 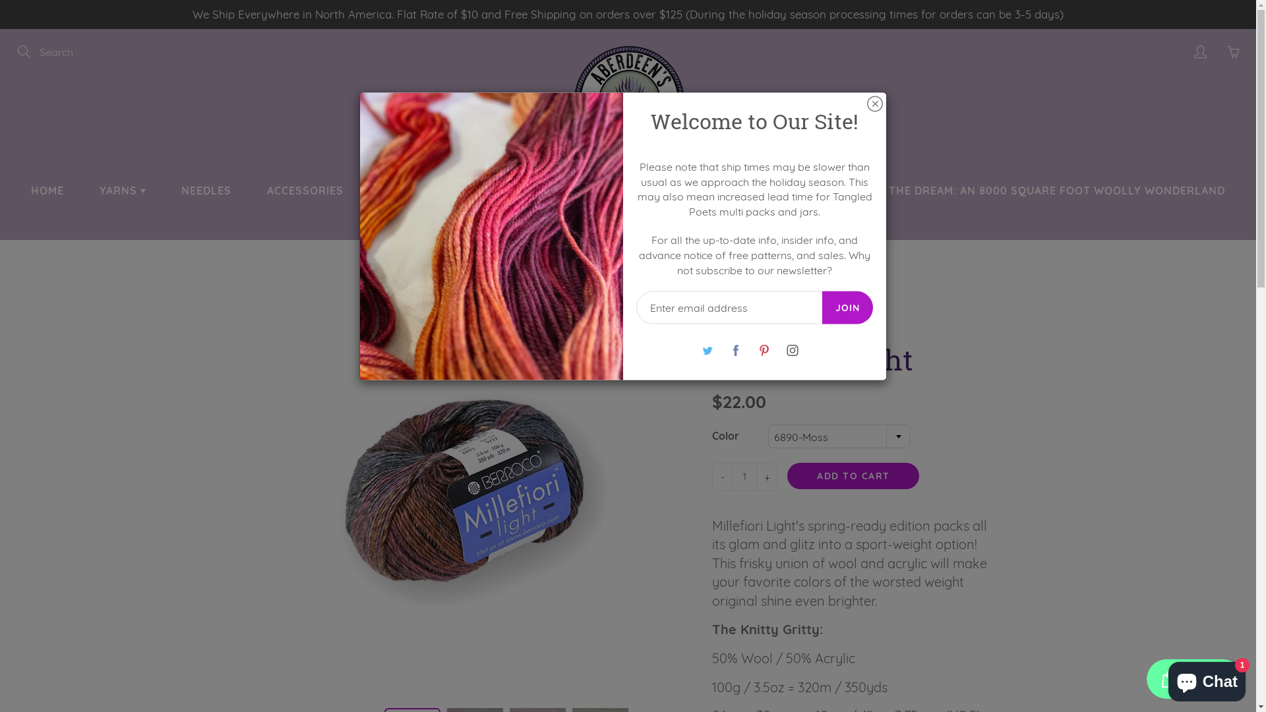 What do you see at coordinates (707, 349) in the screenshot?
I see `'Twitter'` at bounding box center [707, 349].